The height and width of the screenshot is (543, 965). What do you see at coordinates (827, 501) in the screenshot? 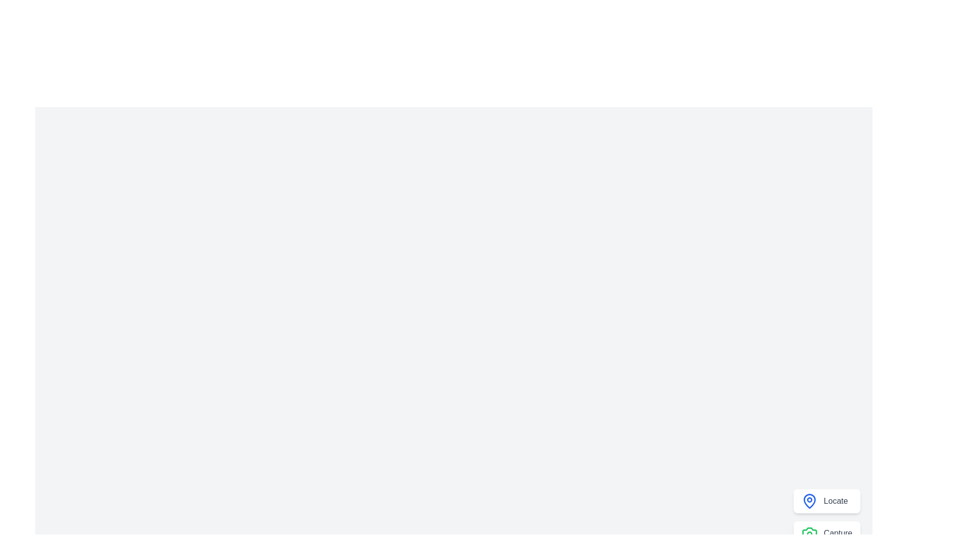
I see `the 'Locate' button to perform the locate action` at bounding box center [827, 501].